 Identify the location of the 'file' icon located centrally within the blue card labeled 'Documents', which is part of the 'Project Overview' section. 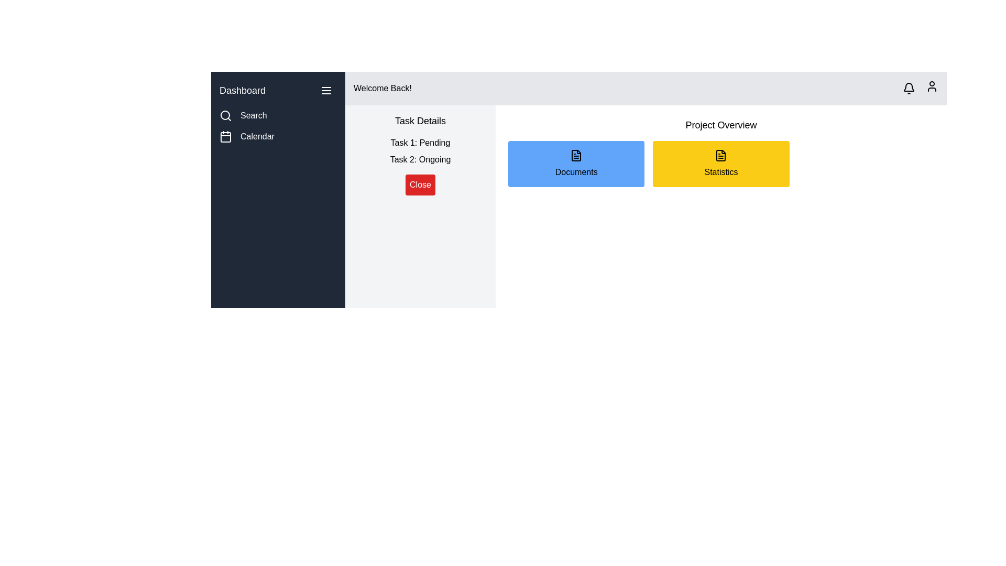
(576, 156).